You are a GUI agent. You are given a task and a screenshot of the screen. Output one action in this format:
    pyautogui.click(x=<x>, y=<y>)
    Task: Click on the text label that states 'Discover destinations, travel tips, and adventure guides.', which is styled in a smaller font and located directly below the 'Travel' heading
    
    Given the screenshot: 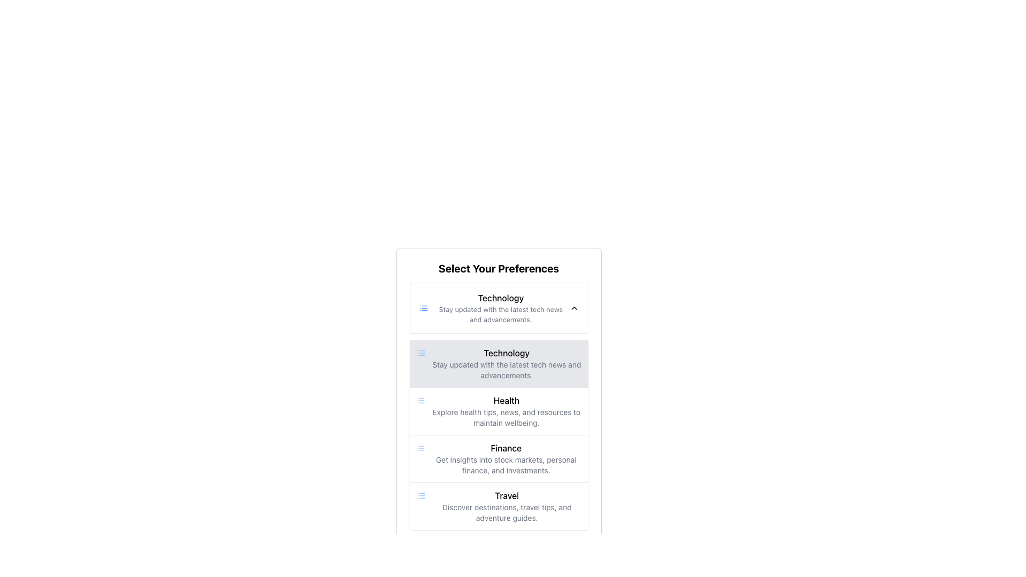 What is the action you would take?
    pyautogui.click(x=506, y=512)
    